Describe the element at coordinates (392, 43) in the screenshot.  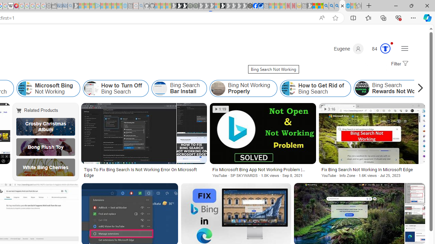
I see `'Animation'` at that location.